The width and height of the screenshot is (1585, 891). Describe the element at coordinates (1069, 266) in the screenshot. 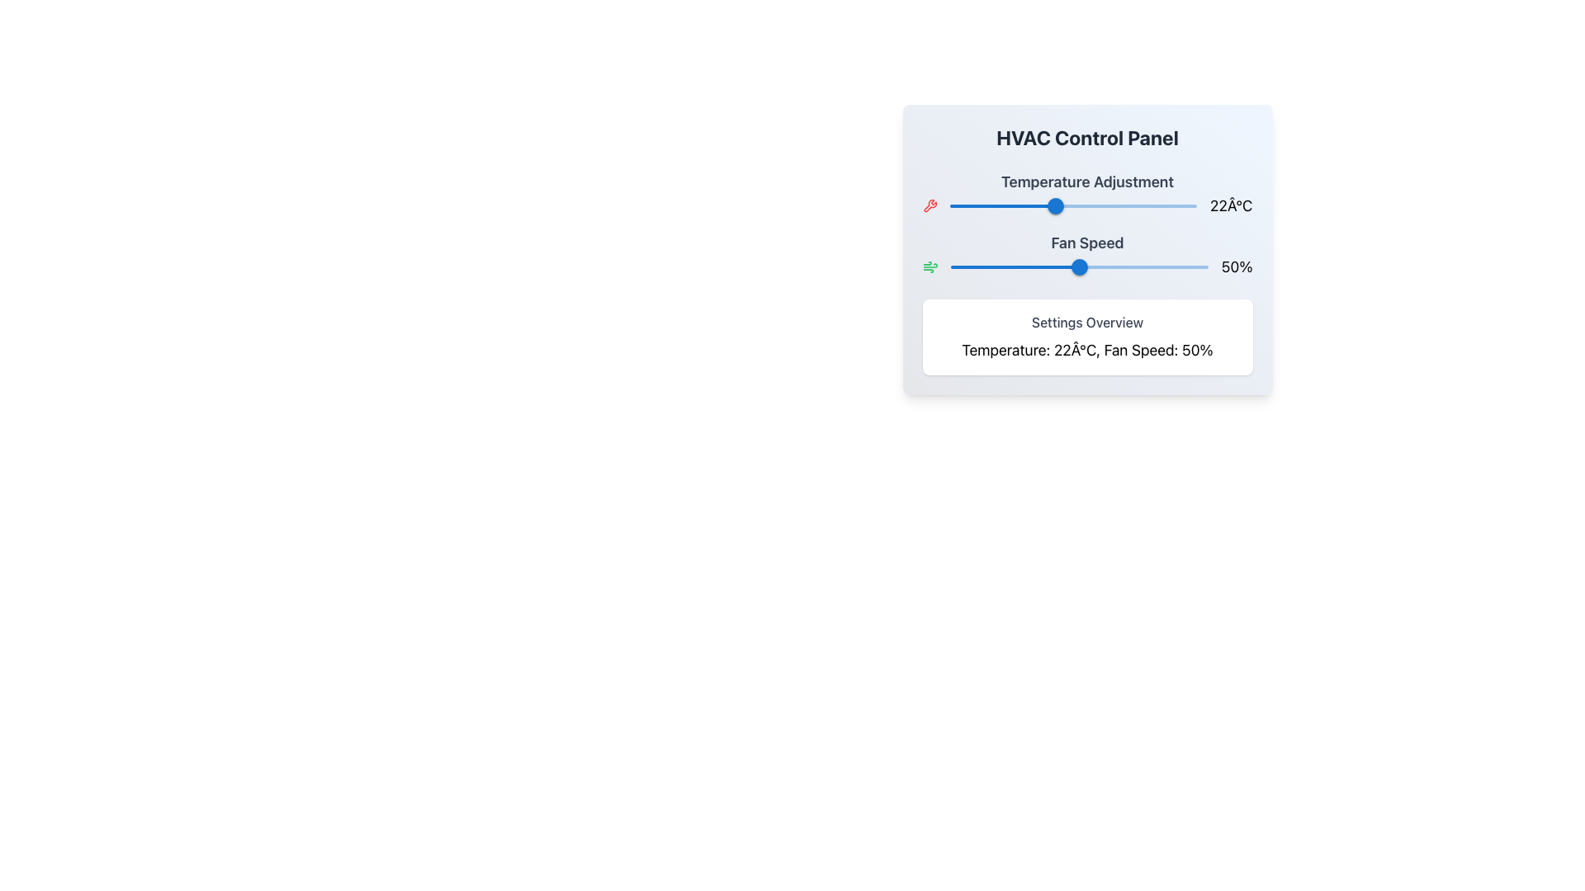

I see `fan speed` at that location.